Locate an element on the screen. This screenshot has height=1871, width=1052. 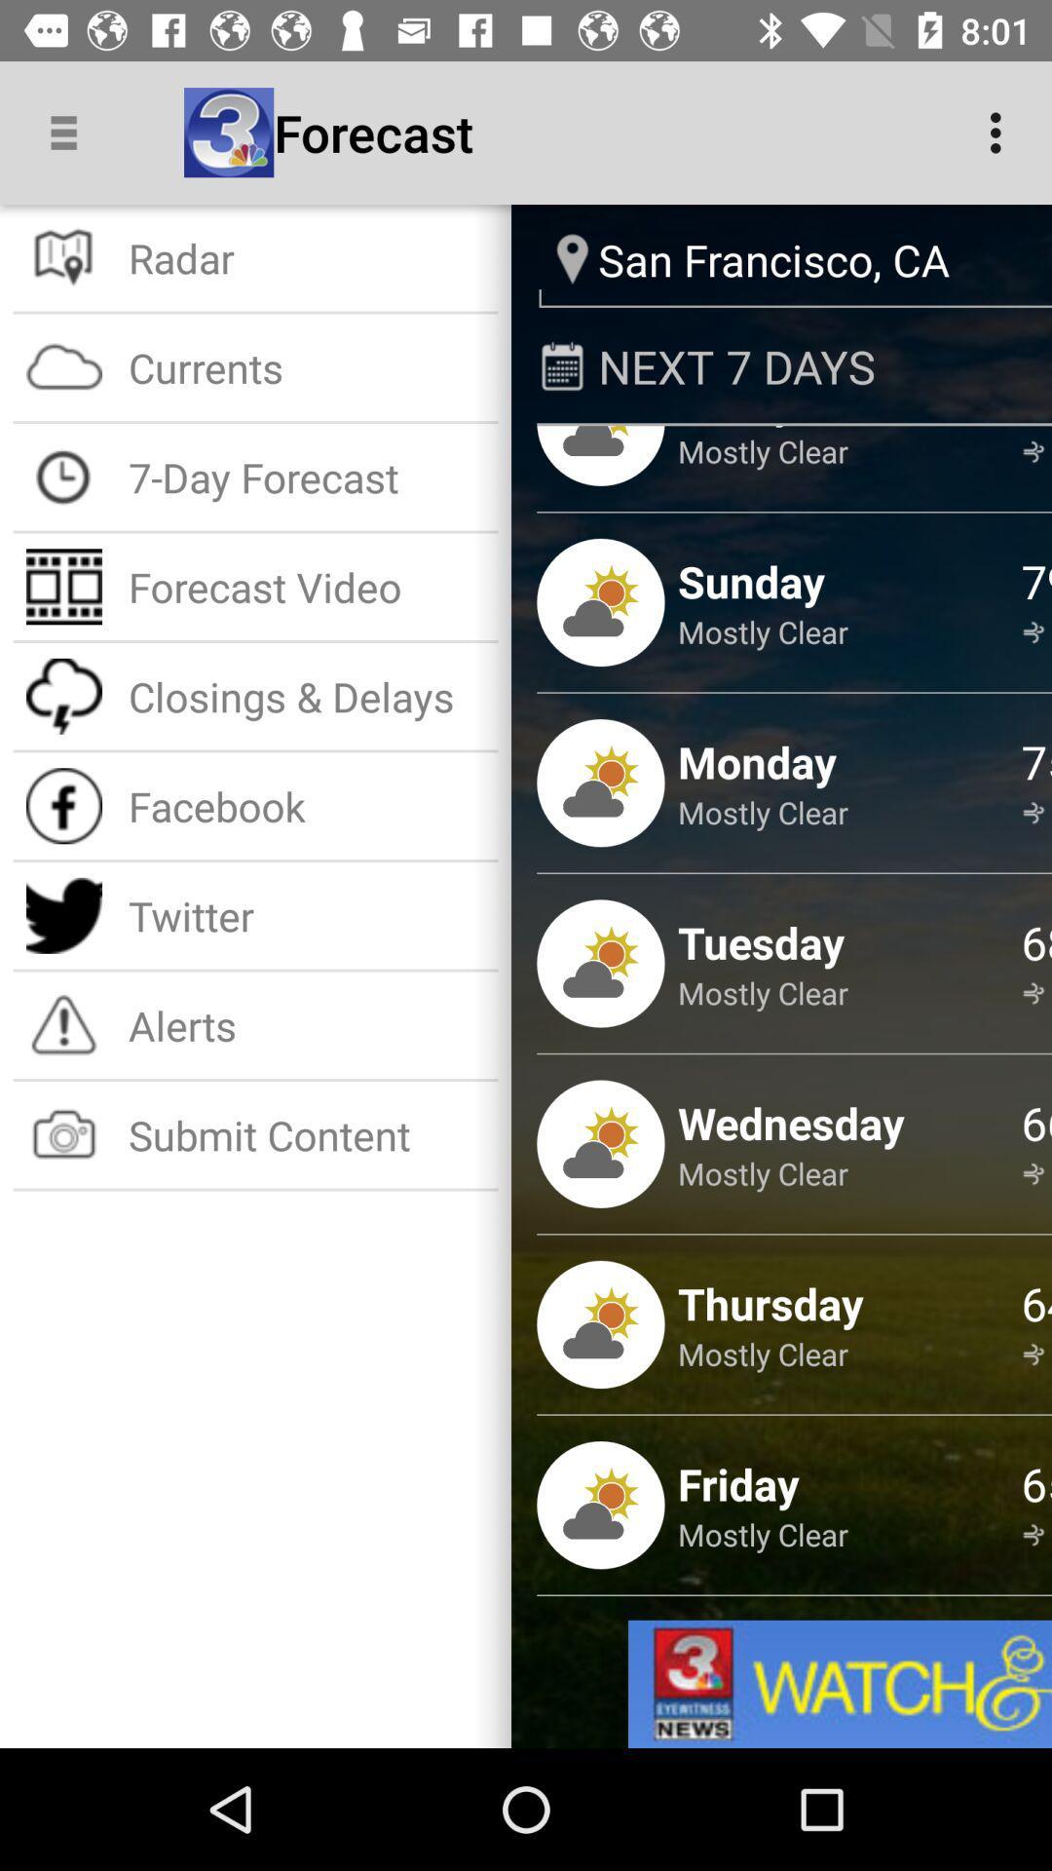
content selection is located at coordinates (839, 1683).